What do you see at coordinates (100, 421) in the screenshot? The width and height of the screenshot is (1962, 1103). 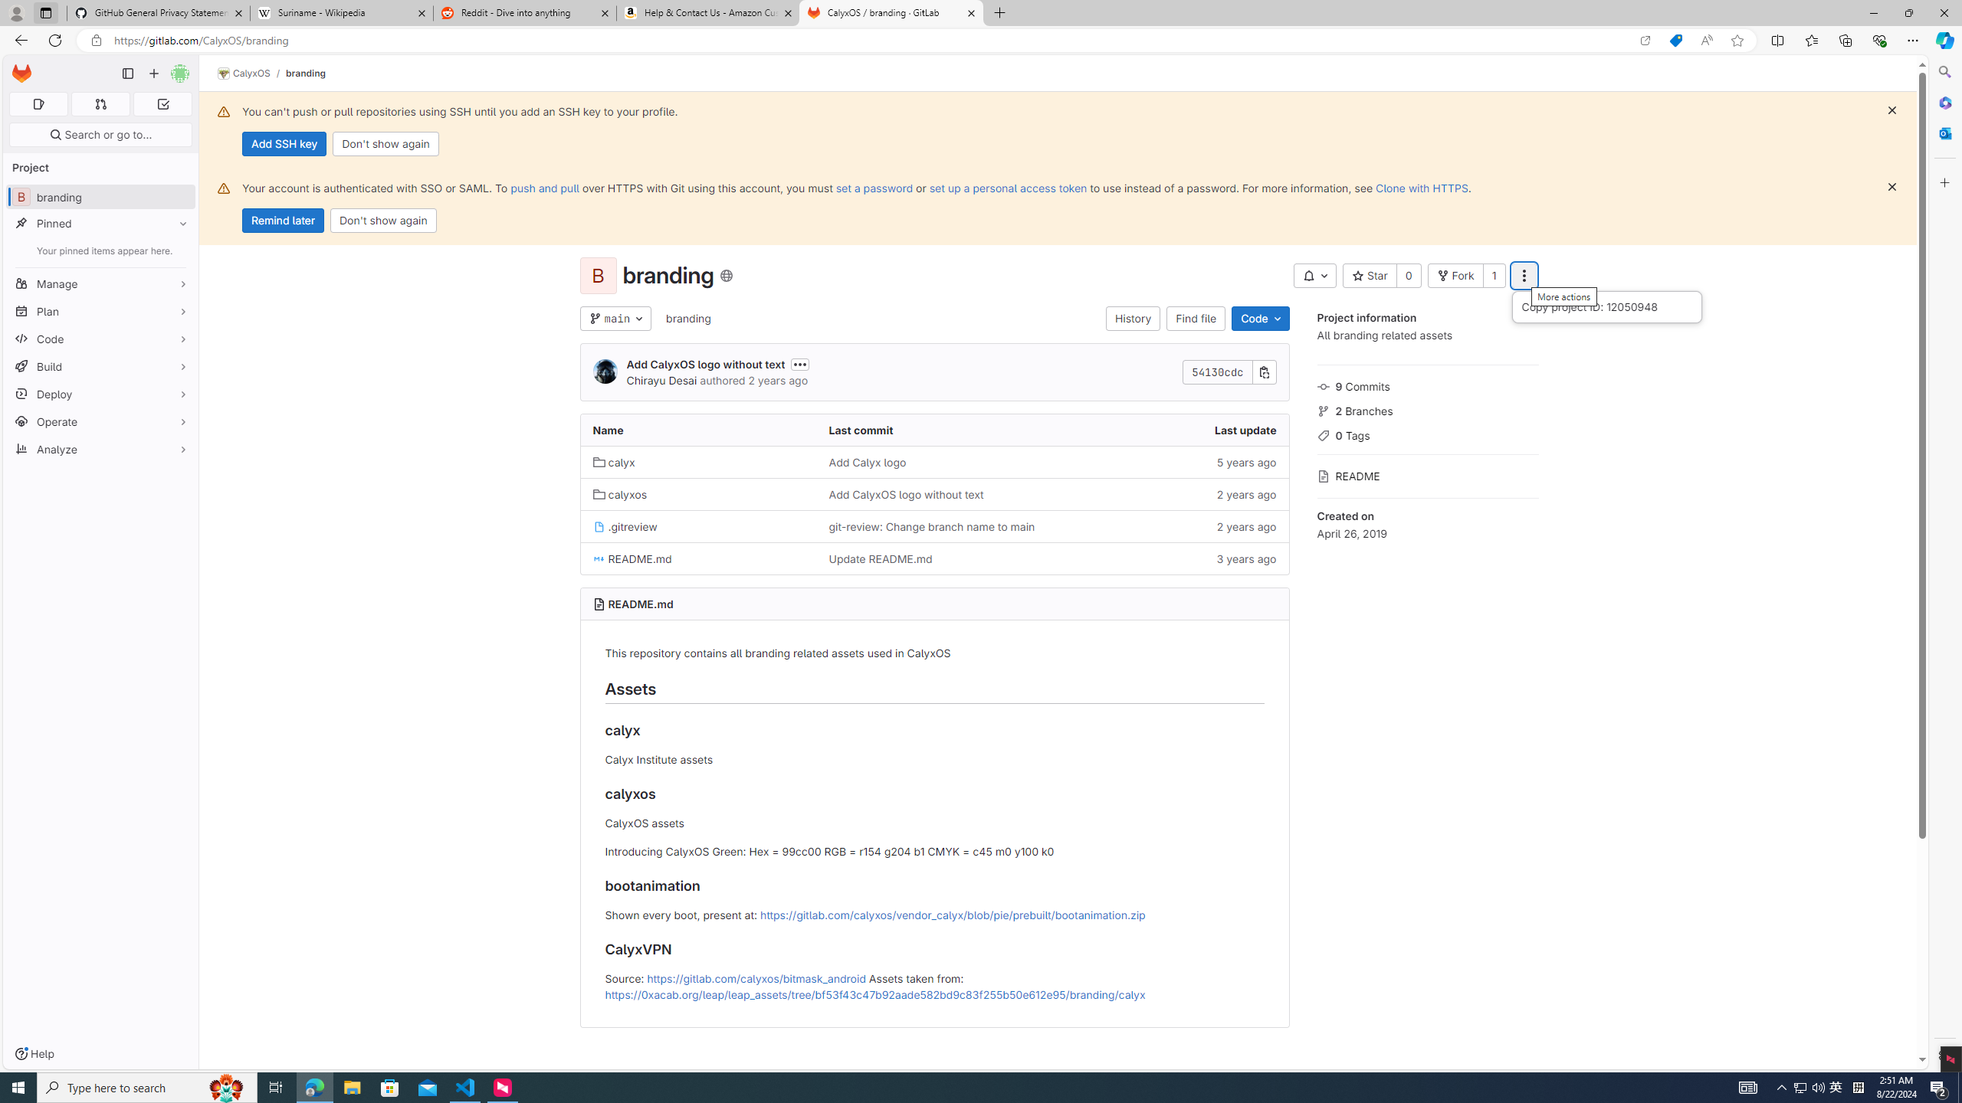 I see `'Operate'` at bounding box center [100, 421].